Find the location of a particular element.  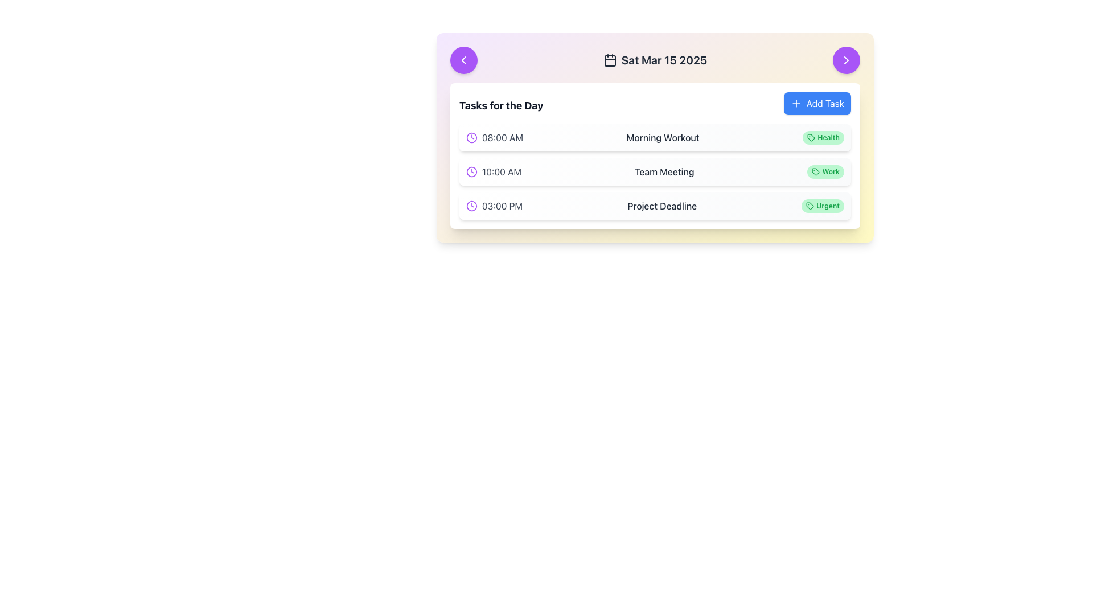

the icon representing the category or metadata associated with the 'Morning Workout' task, located in the top-right corner of the task entry is located at coordinates (811, 137).